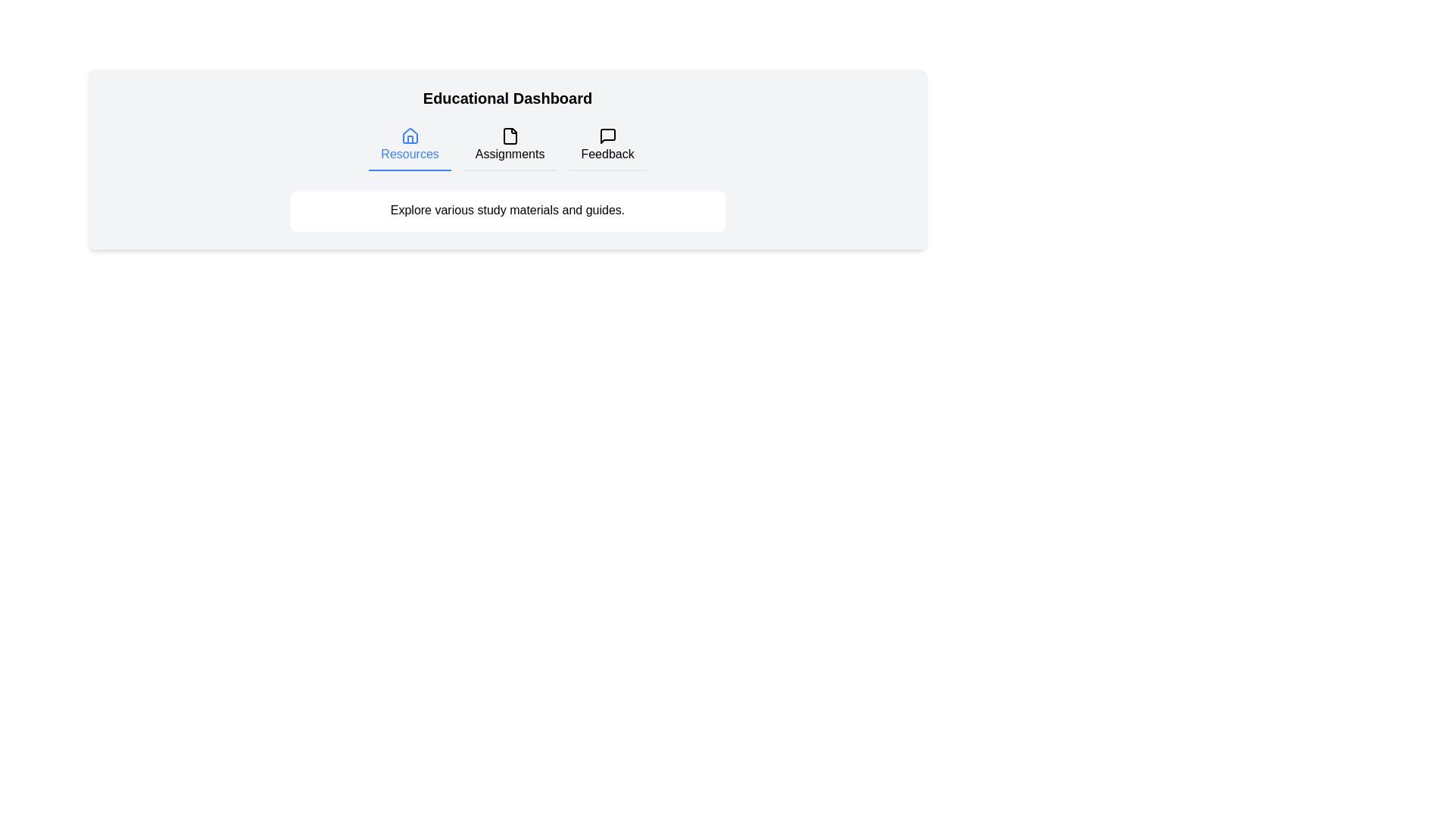  Describe the element at coordinates (607, 136) in the screenshot. I see `the speech bubble icon located at the far right side of the top navigation area, next to the 'Feedback' label, to interact with it` at that location.